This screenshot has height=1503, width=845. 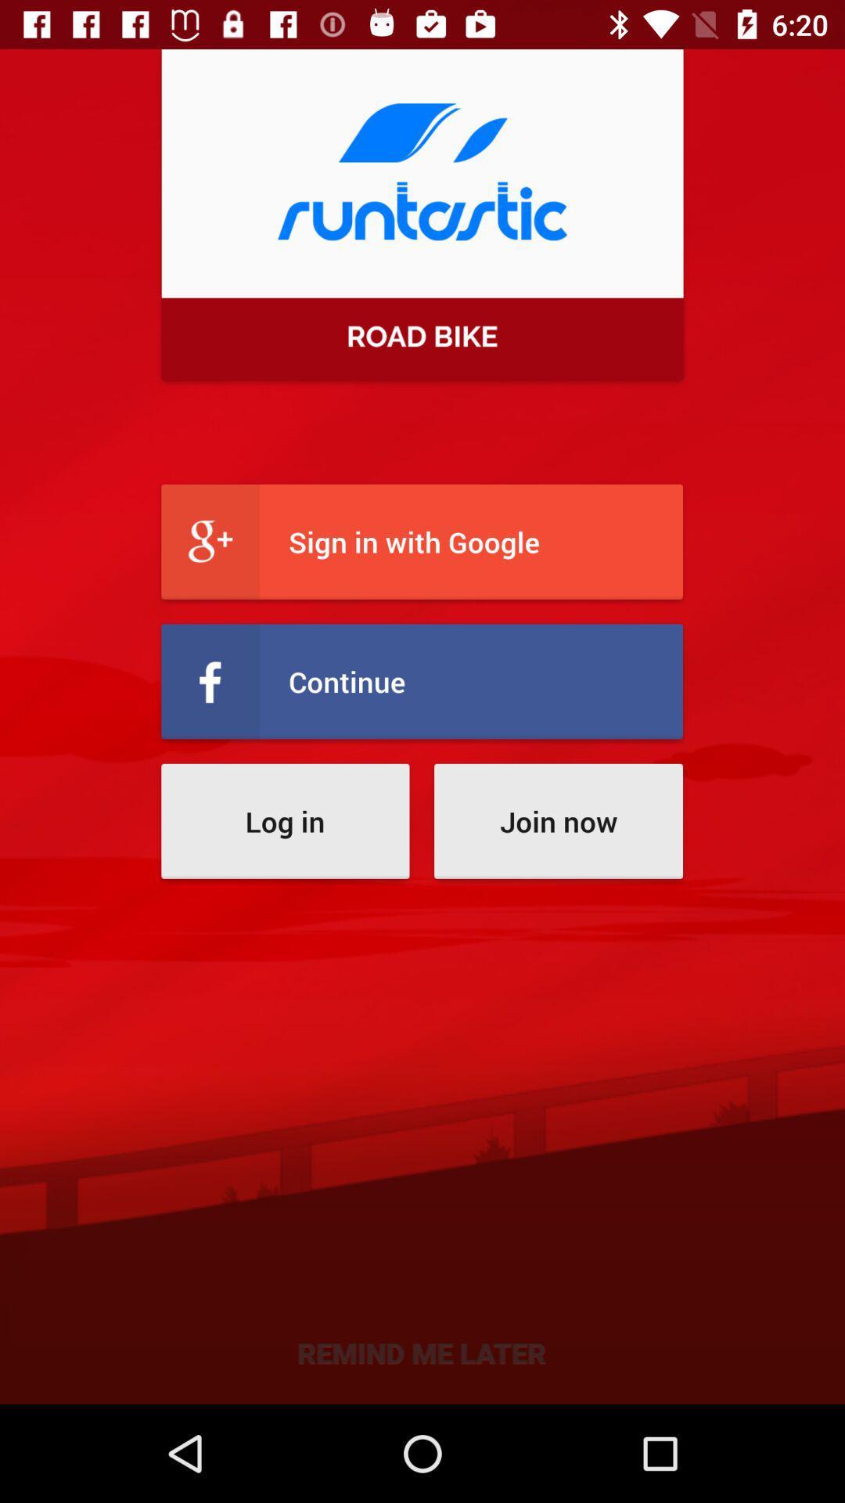 I want to click on the icon next to the log in icon, so click(x=557, y=820).